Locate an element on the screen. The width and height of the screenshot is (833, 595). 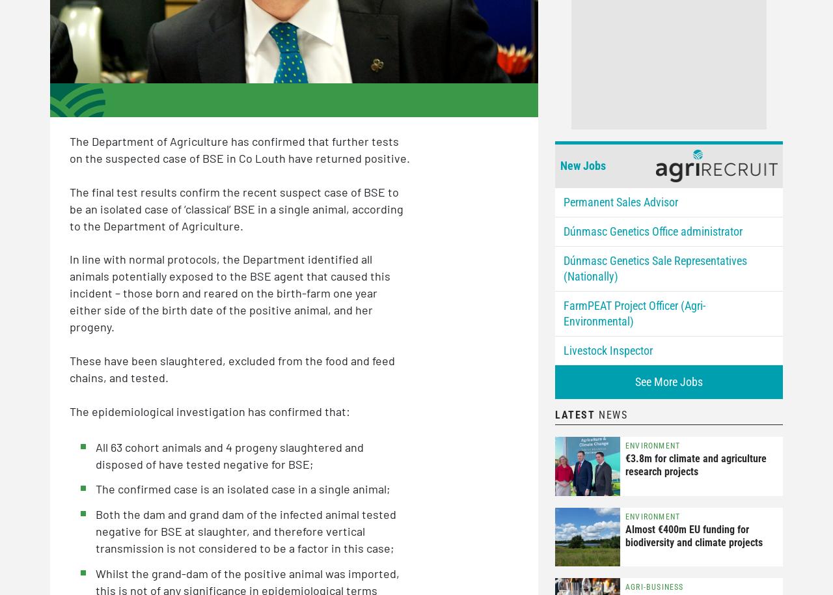
'Permanent Sales Advisor' is located at coordinates (564, 201).